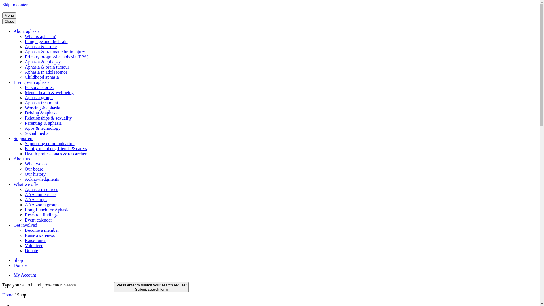 This screenshot has width=544, height=306. What do you see at coordinates (24, 128) in the screenshot?
I see `'Apps & technology'` at bounding box center [24, 128].